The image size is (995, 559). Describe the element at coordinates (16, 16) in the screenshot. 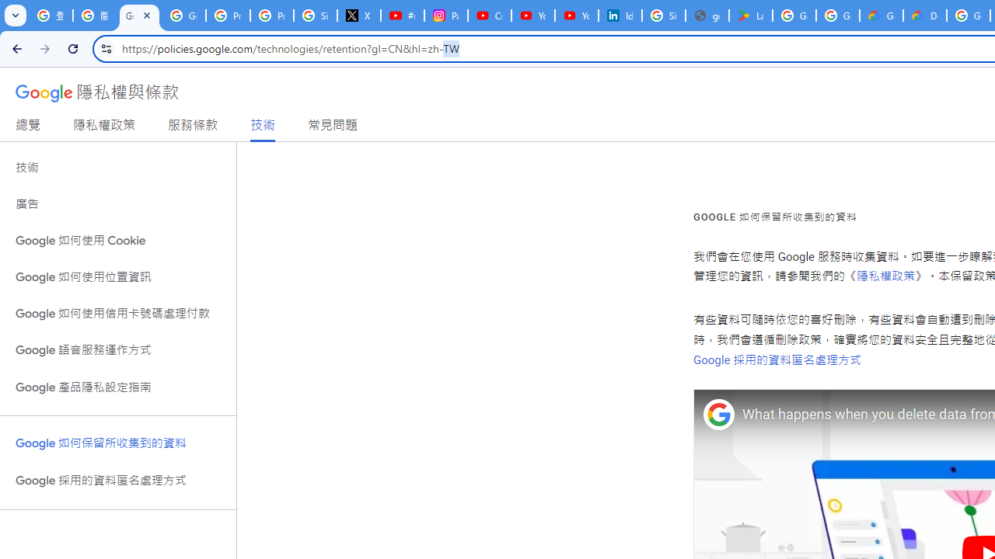

I see `'Search tabs'` at that location.